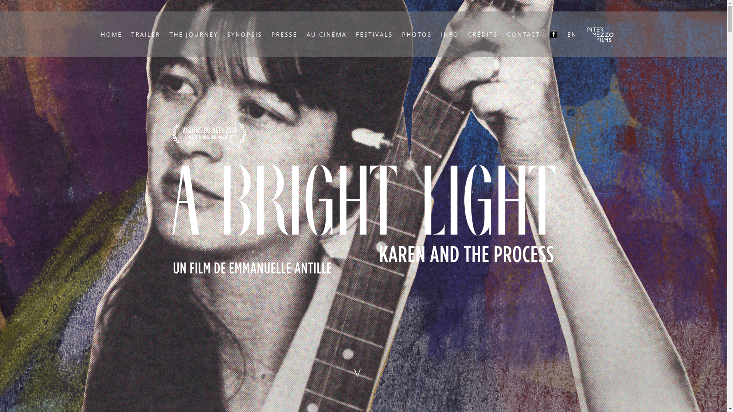  Describe the element at coordinates (284, 34) in the screenshot. I see `'PRESSE'` at that location.